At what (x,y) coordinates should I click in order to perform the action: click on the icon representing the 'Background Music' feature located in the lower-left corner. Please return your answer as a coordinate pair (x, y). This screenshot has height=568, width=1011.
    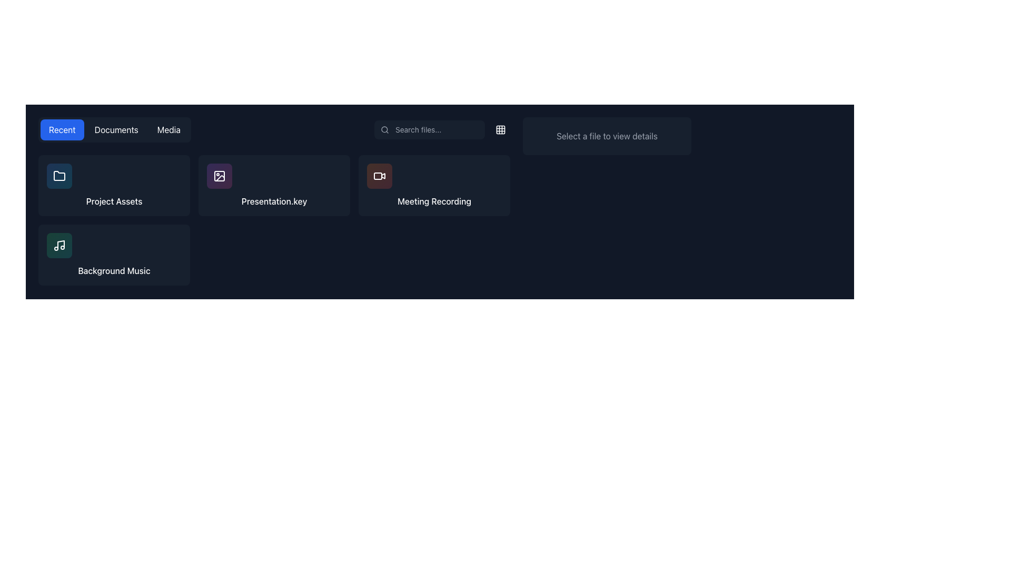
    Looking at the image, I should click on (59, 245).